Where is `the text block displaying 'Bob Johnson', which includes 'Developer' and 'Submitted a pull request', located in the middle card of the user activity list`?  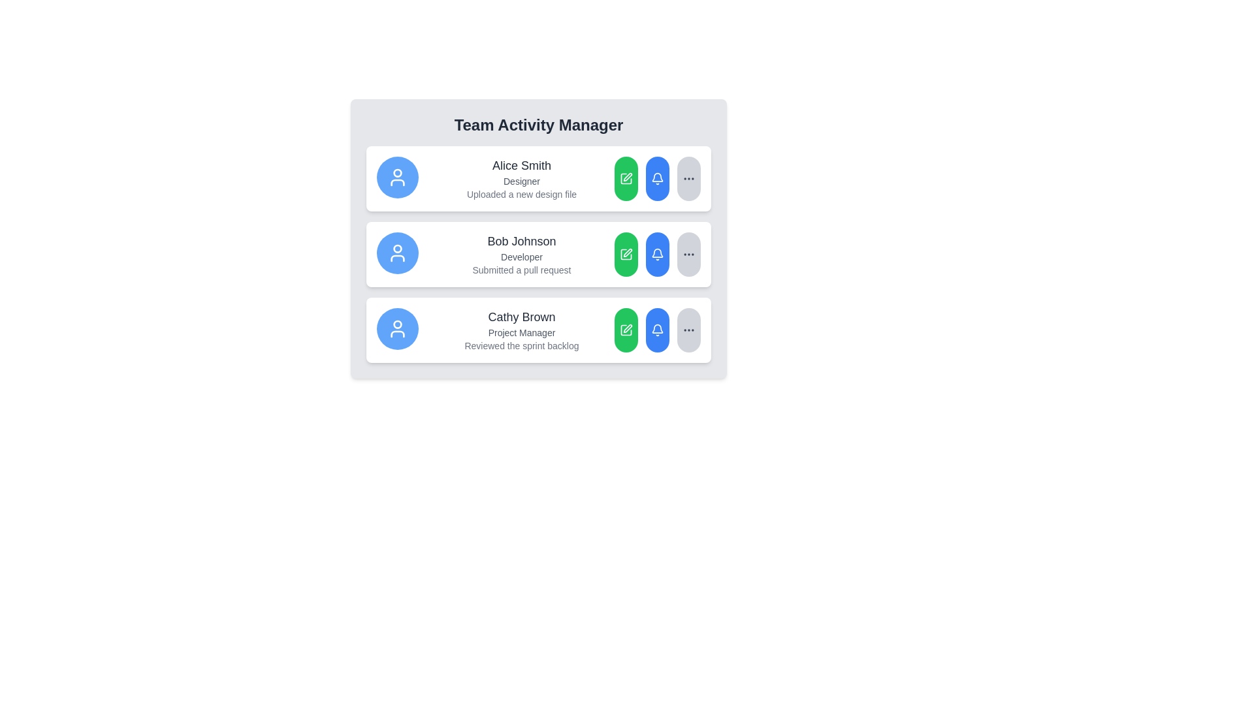 the text block displaying 'Bob Johnson', which includes 'Developer' and 'Submitted a pull request', located in the middle card of the user activity list is located at coordinates (521, 254).